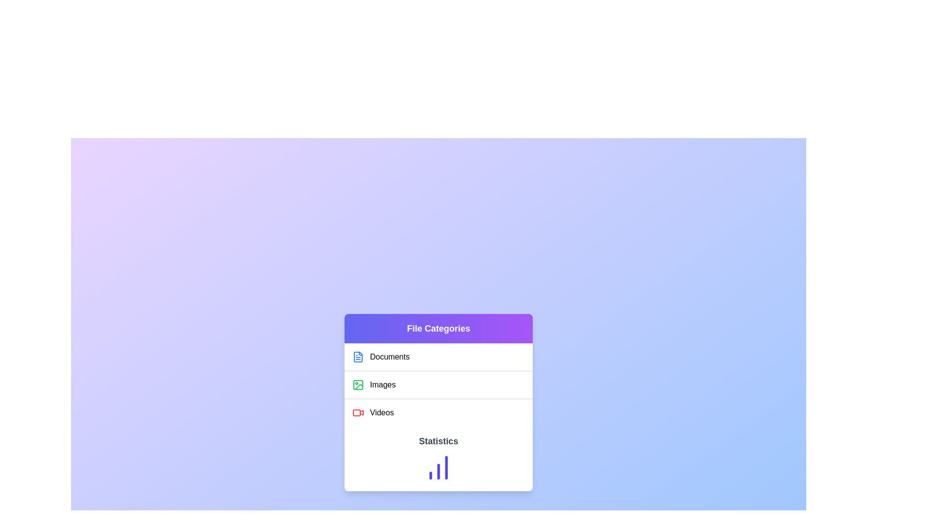  Describe the element at coordinates (438, 329) in the screenshot. I see `the 'File Categories' button to toggle the menu visibility` at that location.